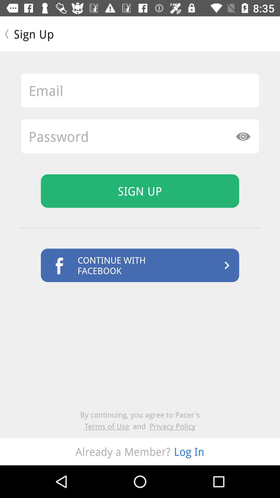 This screenshot has height=498, width=280. What do you see at coordinates (172, 426) in the screenshot?
I see `icon to the right of and` at bounding box center [172, 426].